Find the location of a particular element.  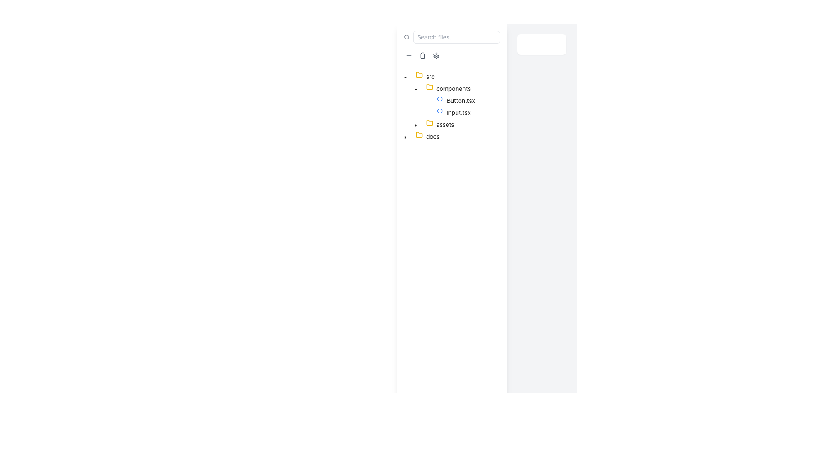

the yellow folder icon representing the 'src' directory in the file navigation panel is located at coordinates (419, 74).